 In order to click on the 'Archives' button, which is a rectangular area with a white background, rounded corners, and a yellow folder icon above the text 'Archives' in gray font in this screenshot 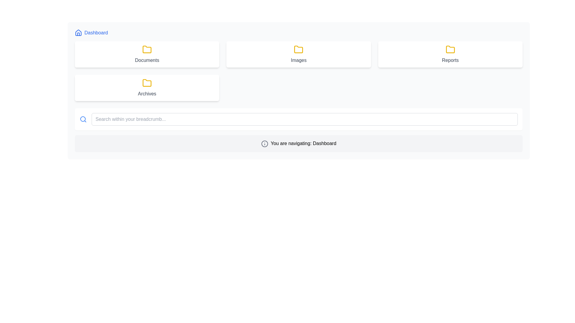, I will do `click(147, 88)`.